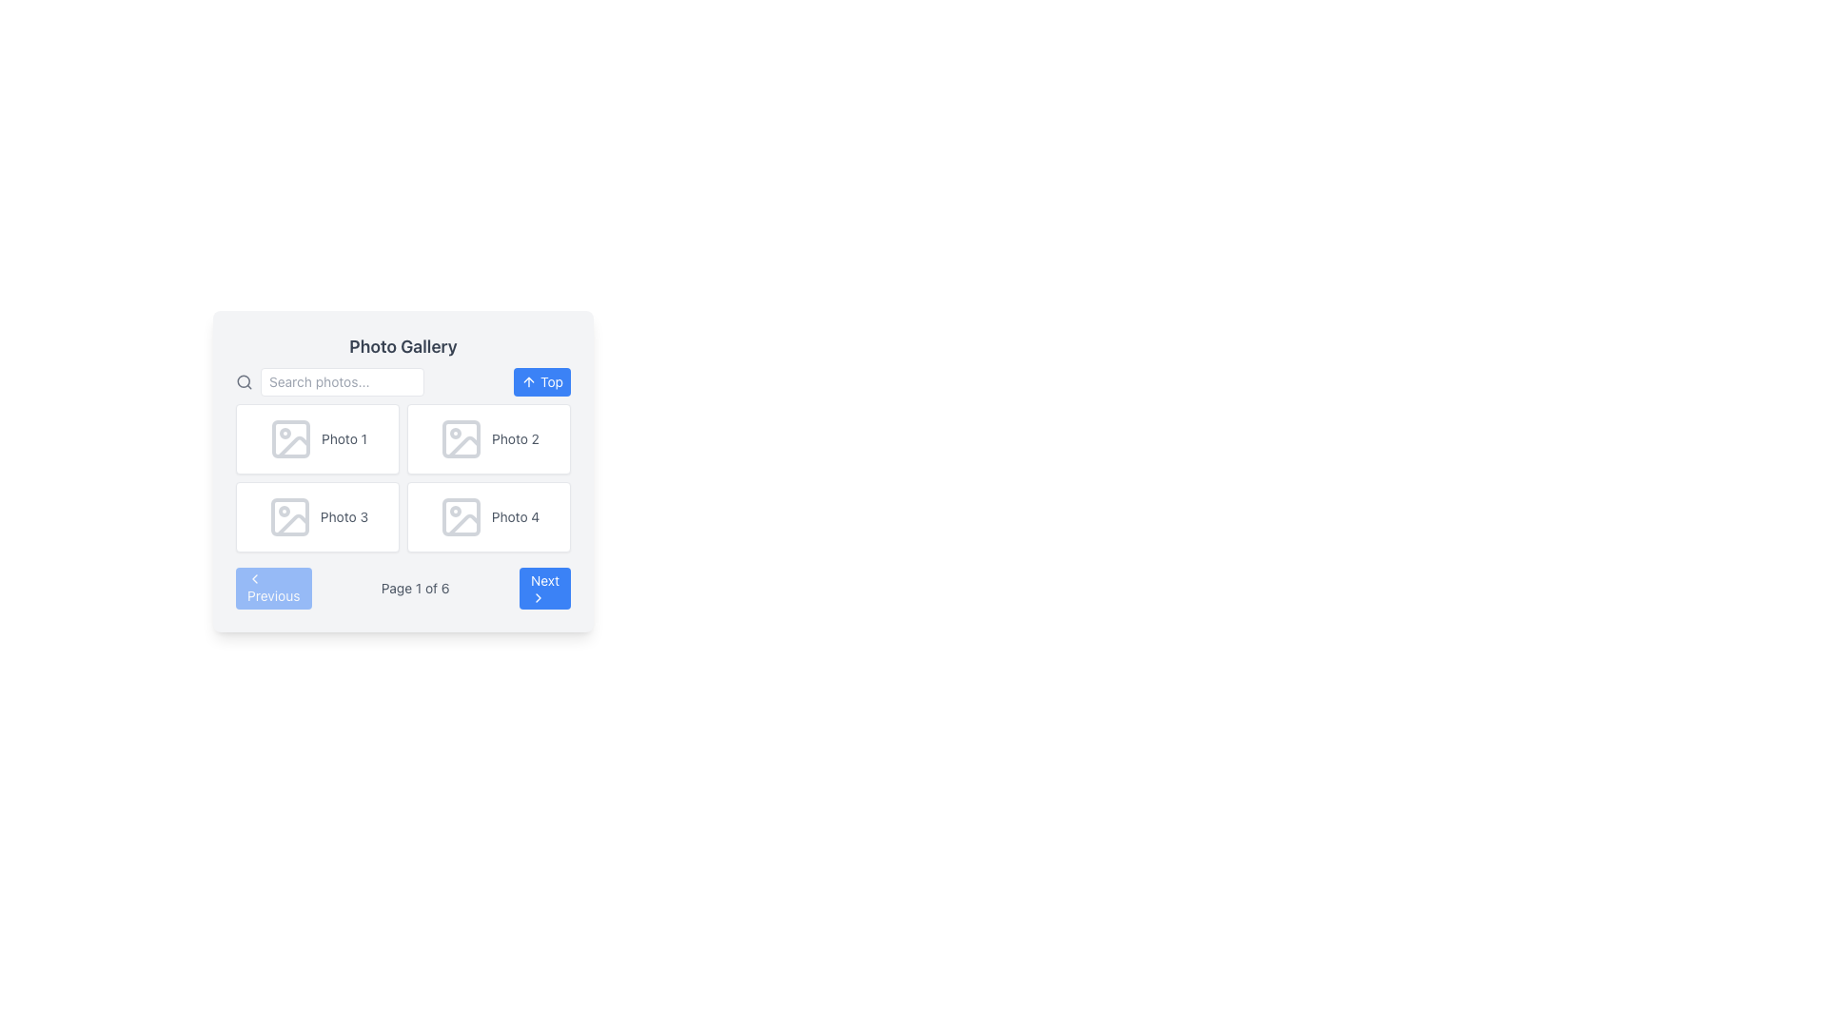  What do you see at coordinates (516, 516) in the screenshot?
I see `the text label located at the bottom-right of the grid layout in the second row and second column, which identifies the associated photo slot for 'Photo 4'` at bounding box center [516, 516].